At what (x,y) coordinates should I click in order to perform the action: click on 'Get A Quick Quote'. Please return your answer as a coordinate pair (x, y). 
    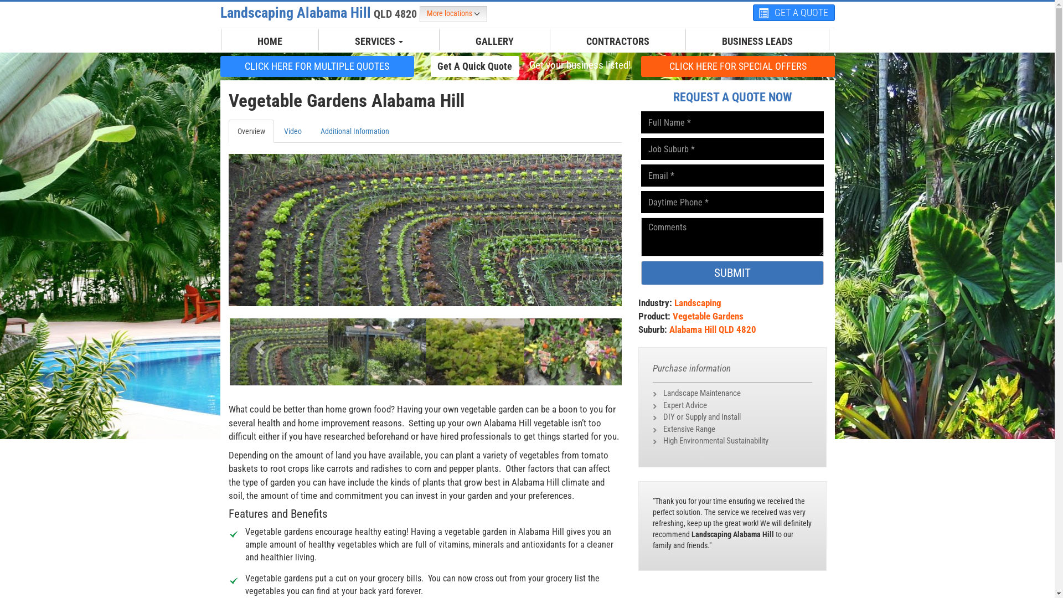
    Looking at the image, I should click on (475, 66).